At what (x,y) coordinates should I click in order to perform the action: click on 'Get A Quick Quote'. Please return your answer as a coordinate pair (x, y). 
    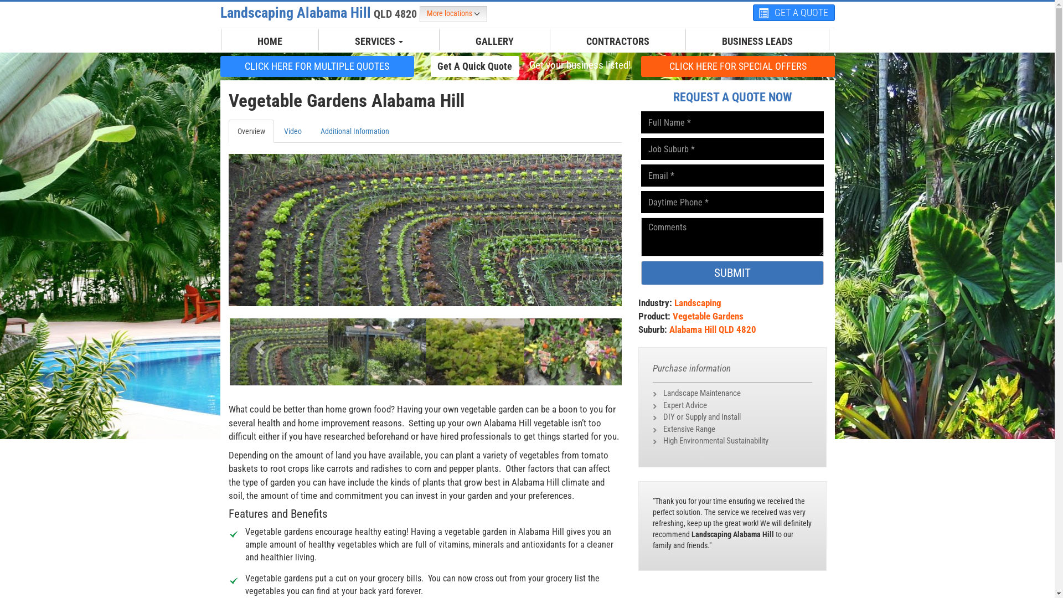
    Looking at the image, I should click on (475, 66).